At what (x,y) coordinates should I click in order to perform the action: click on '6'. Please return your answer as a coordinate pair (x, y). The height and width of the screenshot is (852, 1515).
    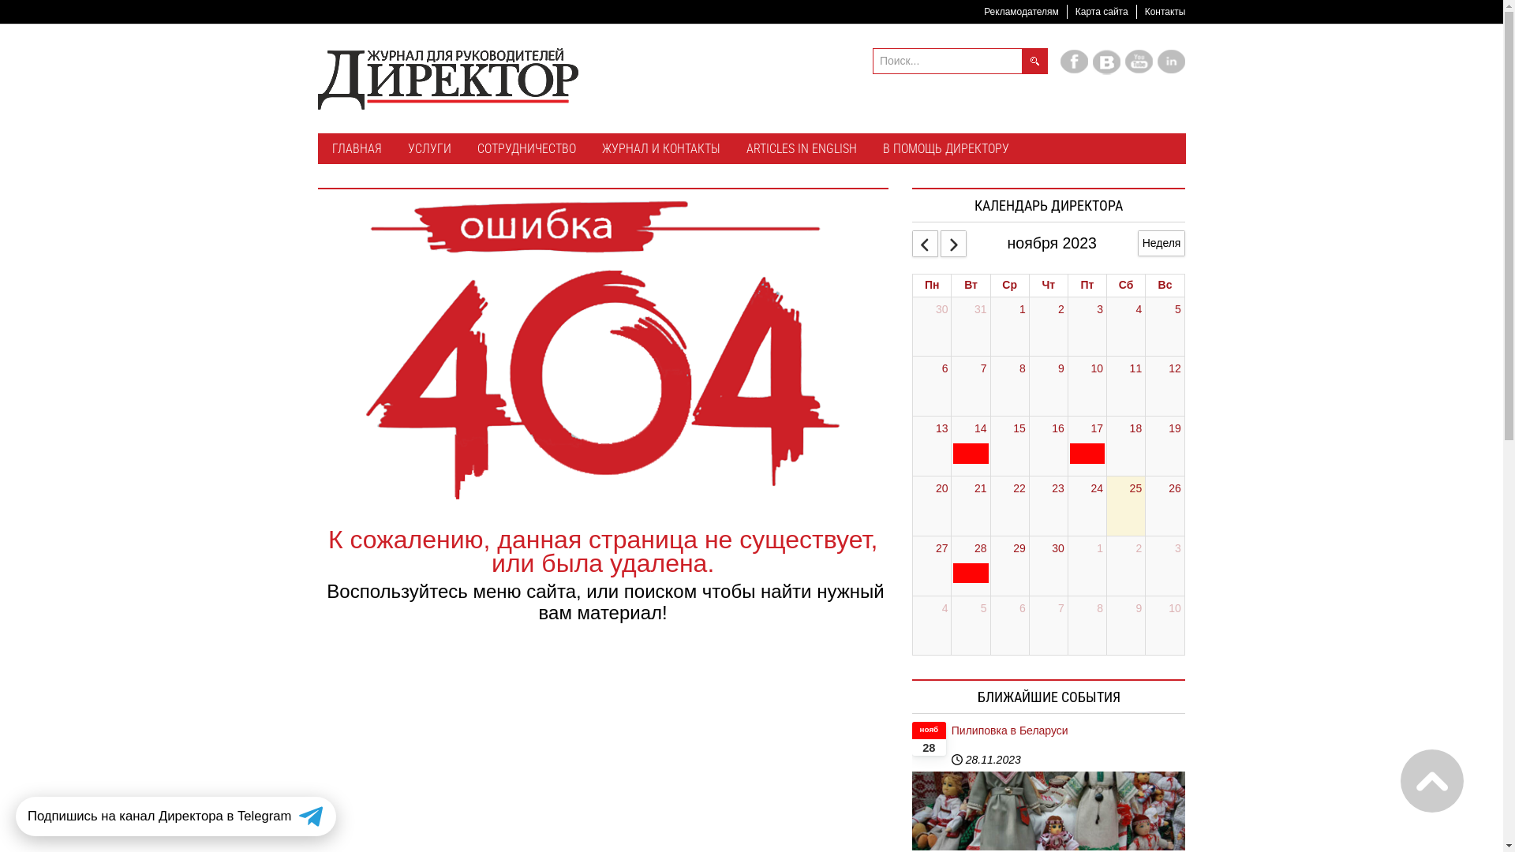
    Looking at the image, I should click on (945, 368).